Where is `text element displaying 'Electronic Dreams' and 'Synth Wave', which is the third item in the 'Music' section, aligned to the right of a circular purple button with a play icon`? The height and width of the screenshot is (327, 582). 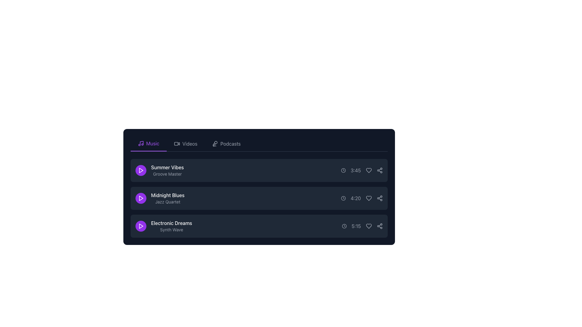 text element displaying 'Electronic Dreams' and 'Synth Wave', which is the third item in the 'Music' section, aligned to the right of a circular purple button with a play icon is located at coordinates (164, 226).